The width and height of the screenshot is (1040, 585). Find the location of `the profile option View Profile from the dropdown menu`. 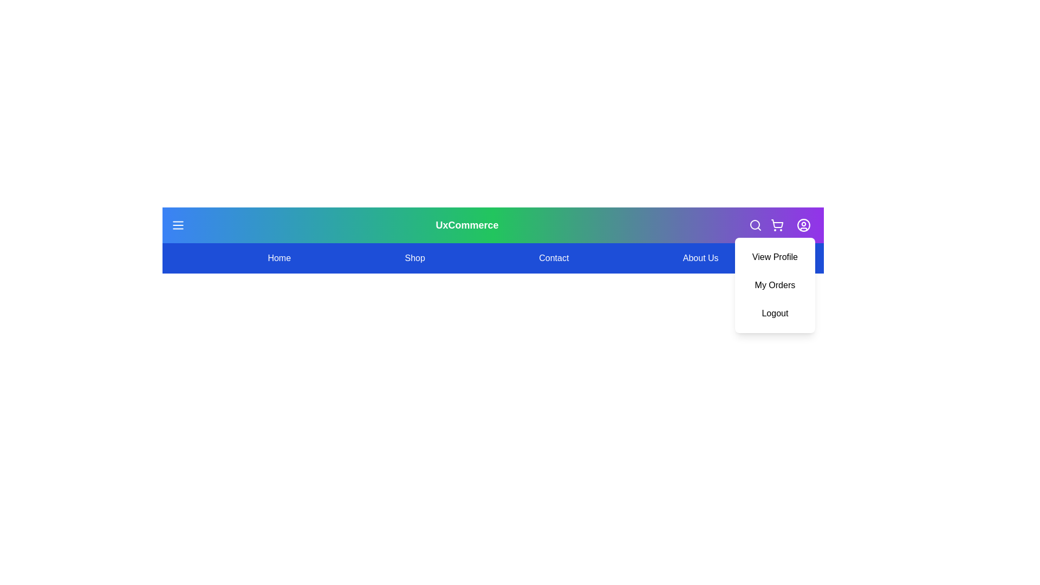

the profile option View Profile from the dropdown menu is located at coordinates (774, 257).